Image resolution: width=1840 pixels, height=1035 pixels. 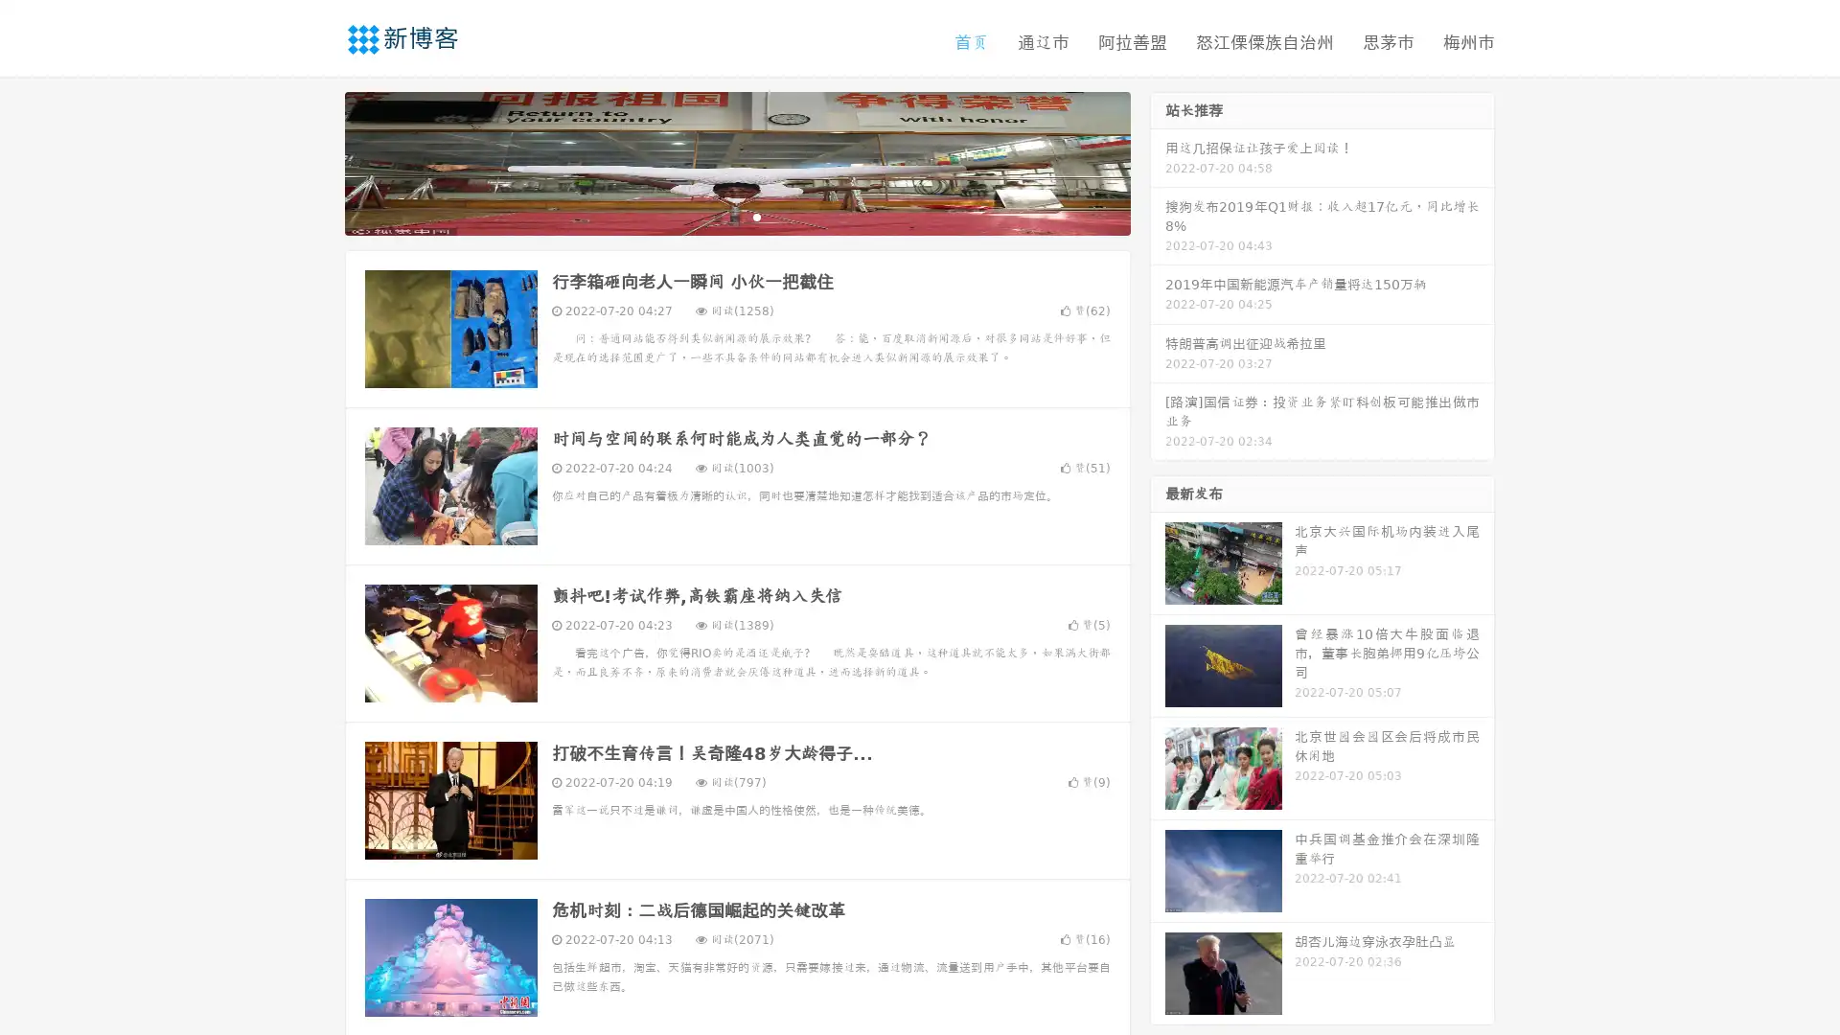 What do you see at coordinates (1158, 161) in the screenshot?
I see `Next slide` at bounding box center [1158, 161].